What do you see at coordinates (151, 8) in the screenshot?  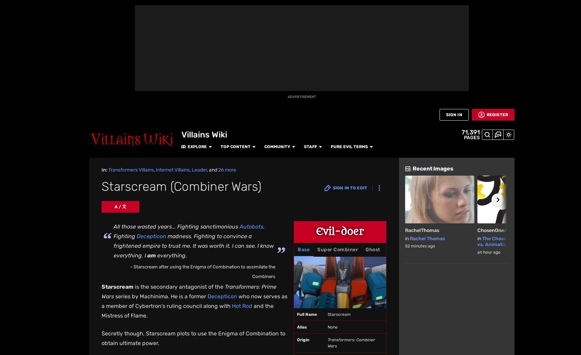 I see `'Top Content'` at bounding box center [151, 8].